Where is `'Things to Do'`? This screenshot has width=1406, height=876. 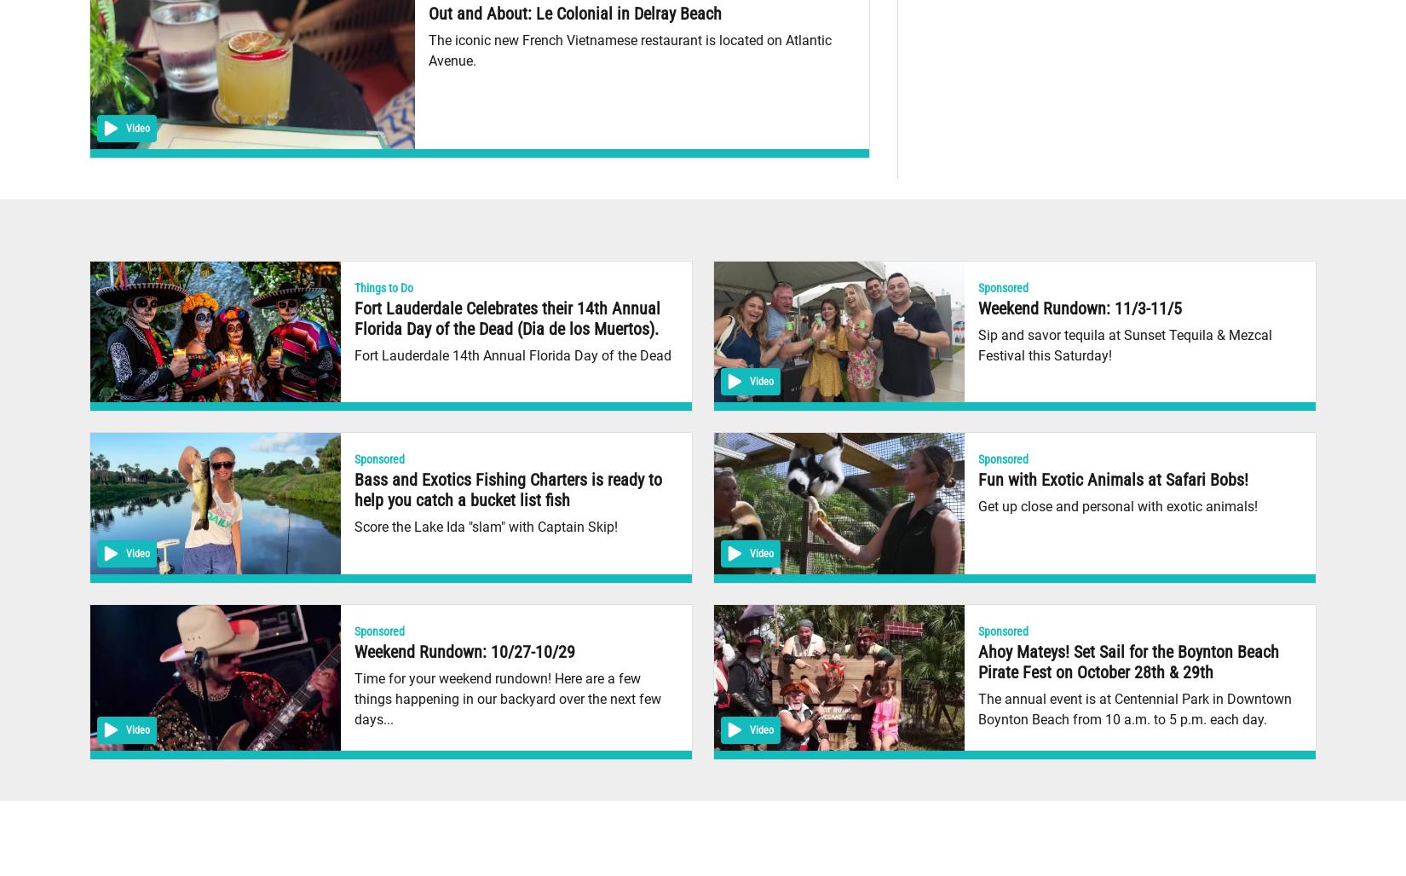
'Things to Do' is located at coordinates (383, 285).